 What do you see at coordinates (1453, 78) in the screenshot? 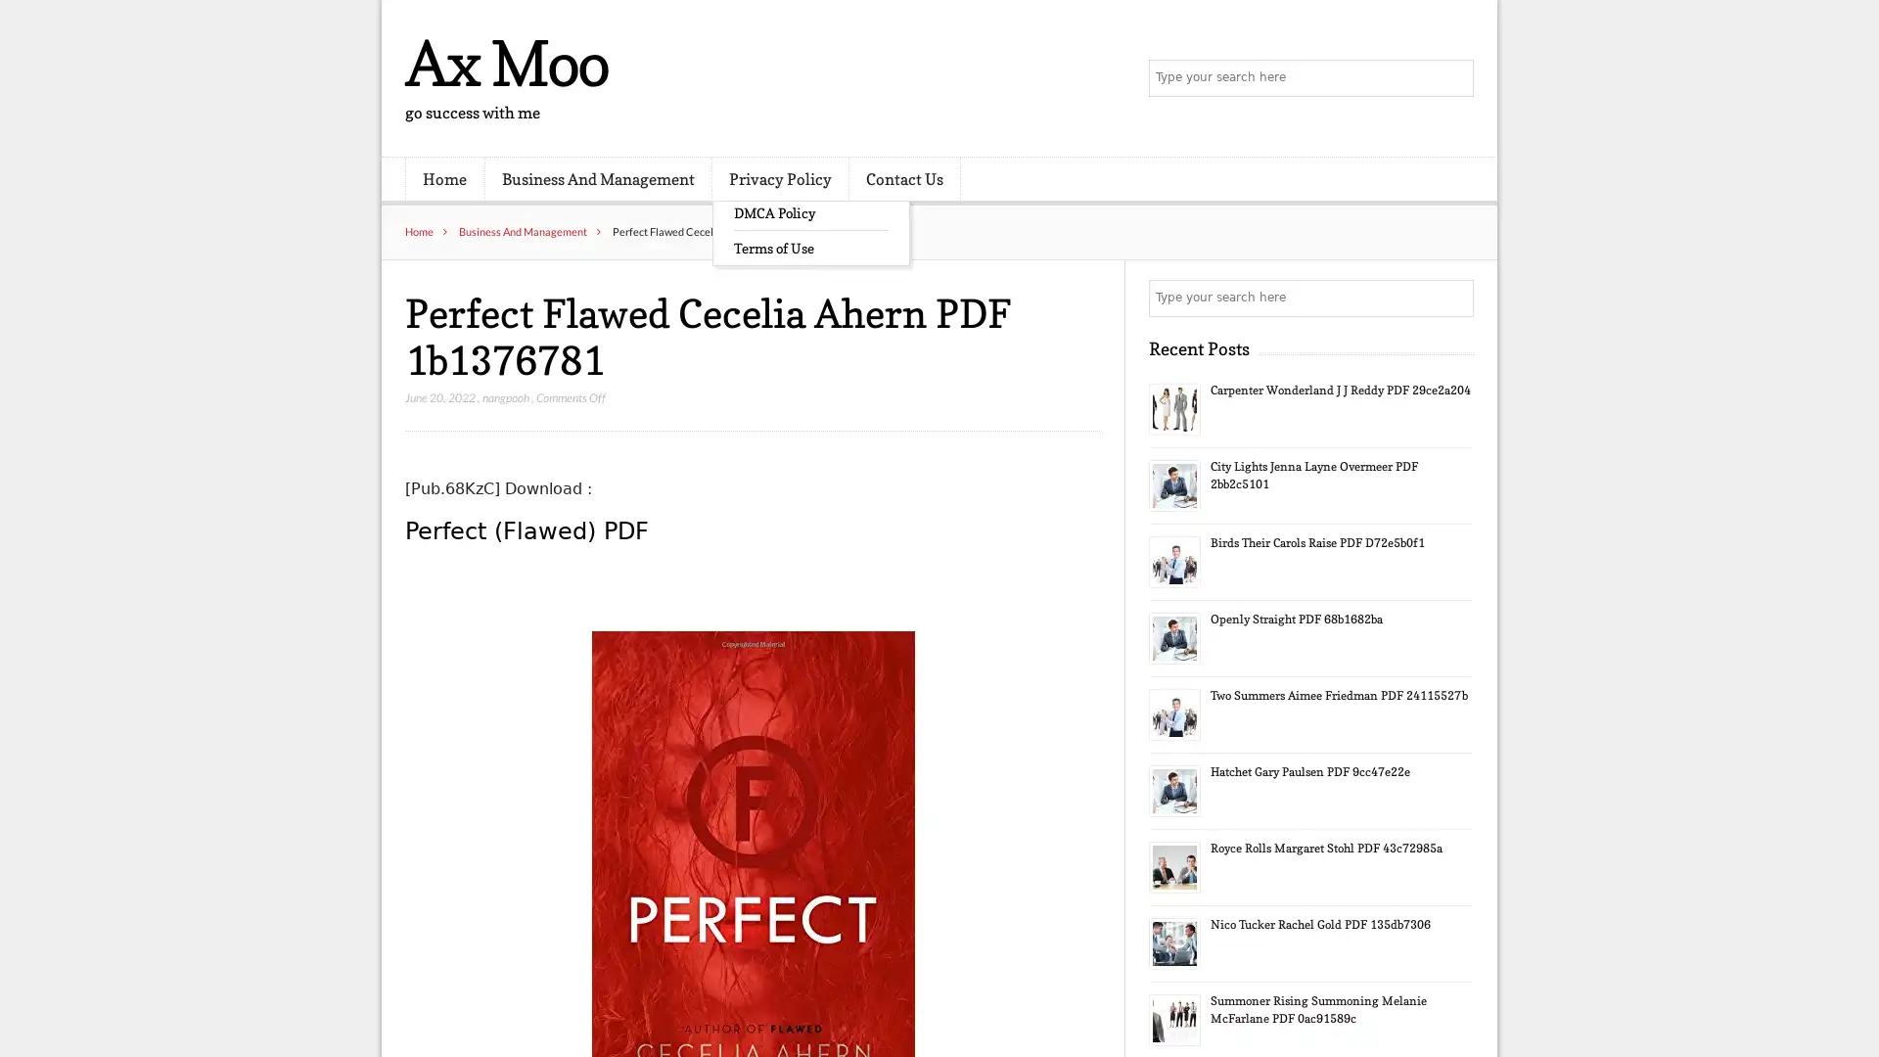
I see `Search` at bounding box center [1453, 78].